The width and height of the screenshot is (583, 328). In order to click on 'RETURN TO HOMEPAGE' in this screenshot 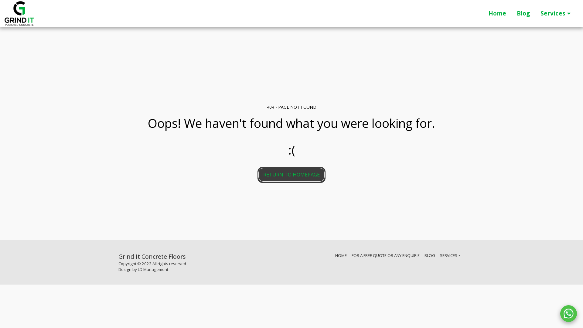, I will do `click(291, 175)`.